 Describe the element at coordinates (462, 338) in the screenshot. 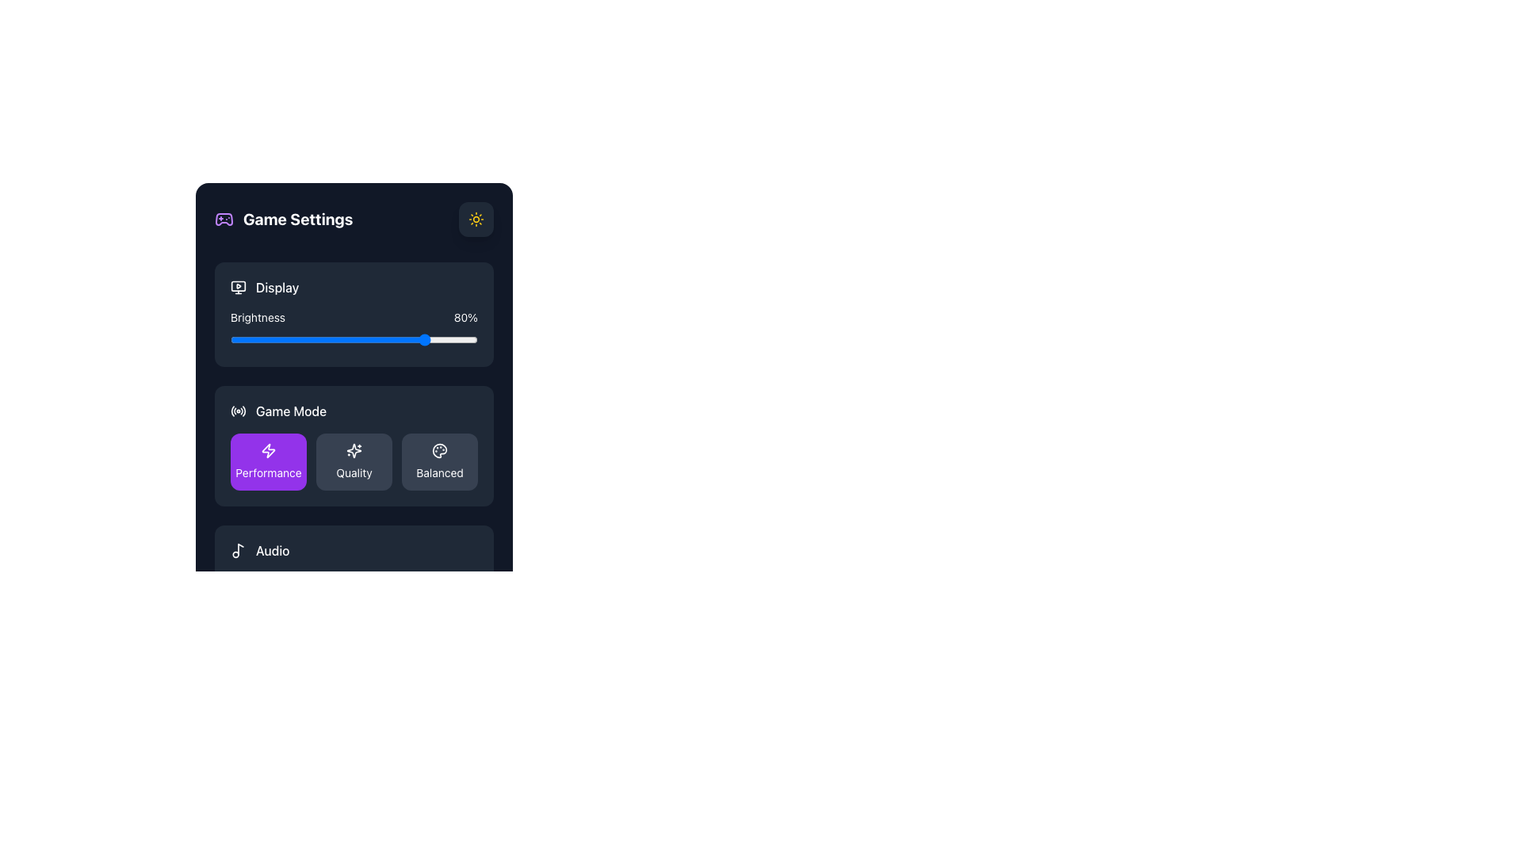

I see `brightness` at that location.